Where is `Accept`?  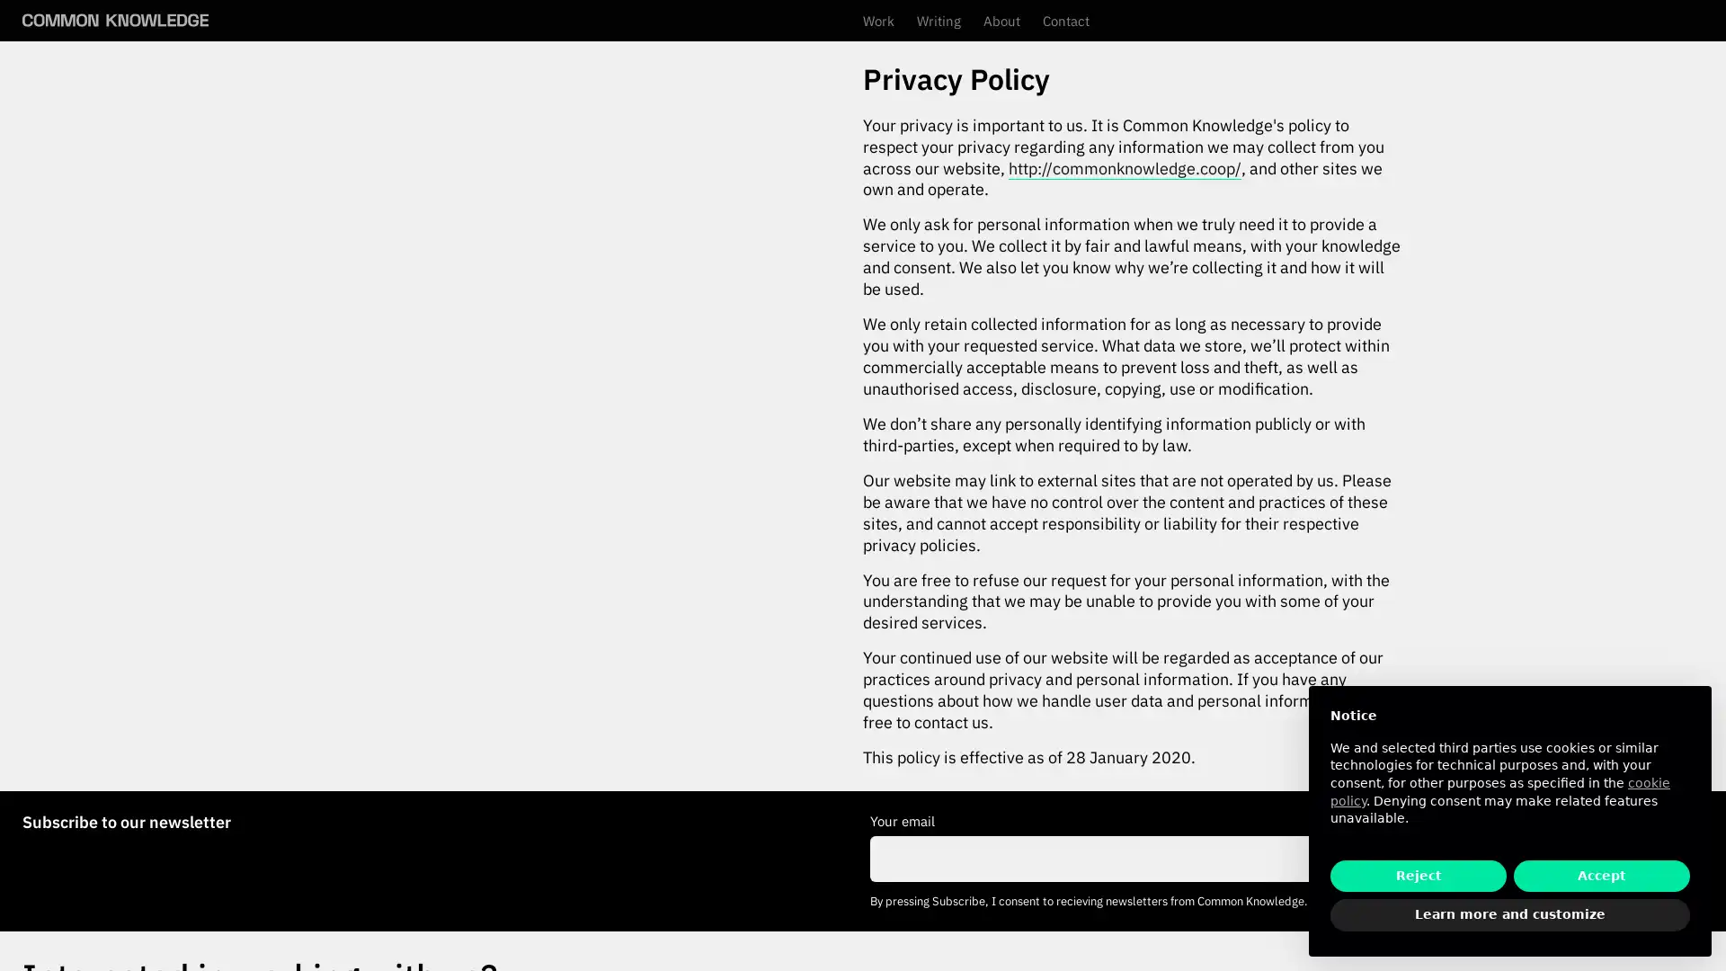
Accept is located at coordinates (1601, 875).